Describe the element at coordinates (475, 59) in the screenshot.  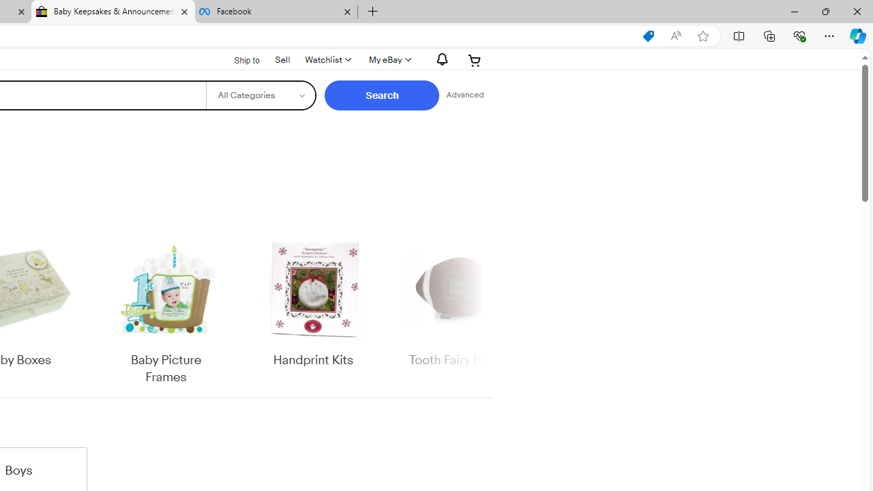
I see `'Your shopping cart'` at that location.